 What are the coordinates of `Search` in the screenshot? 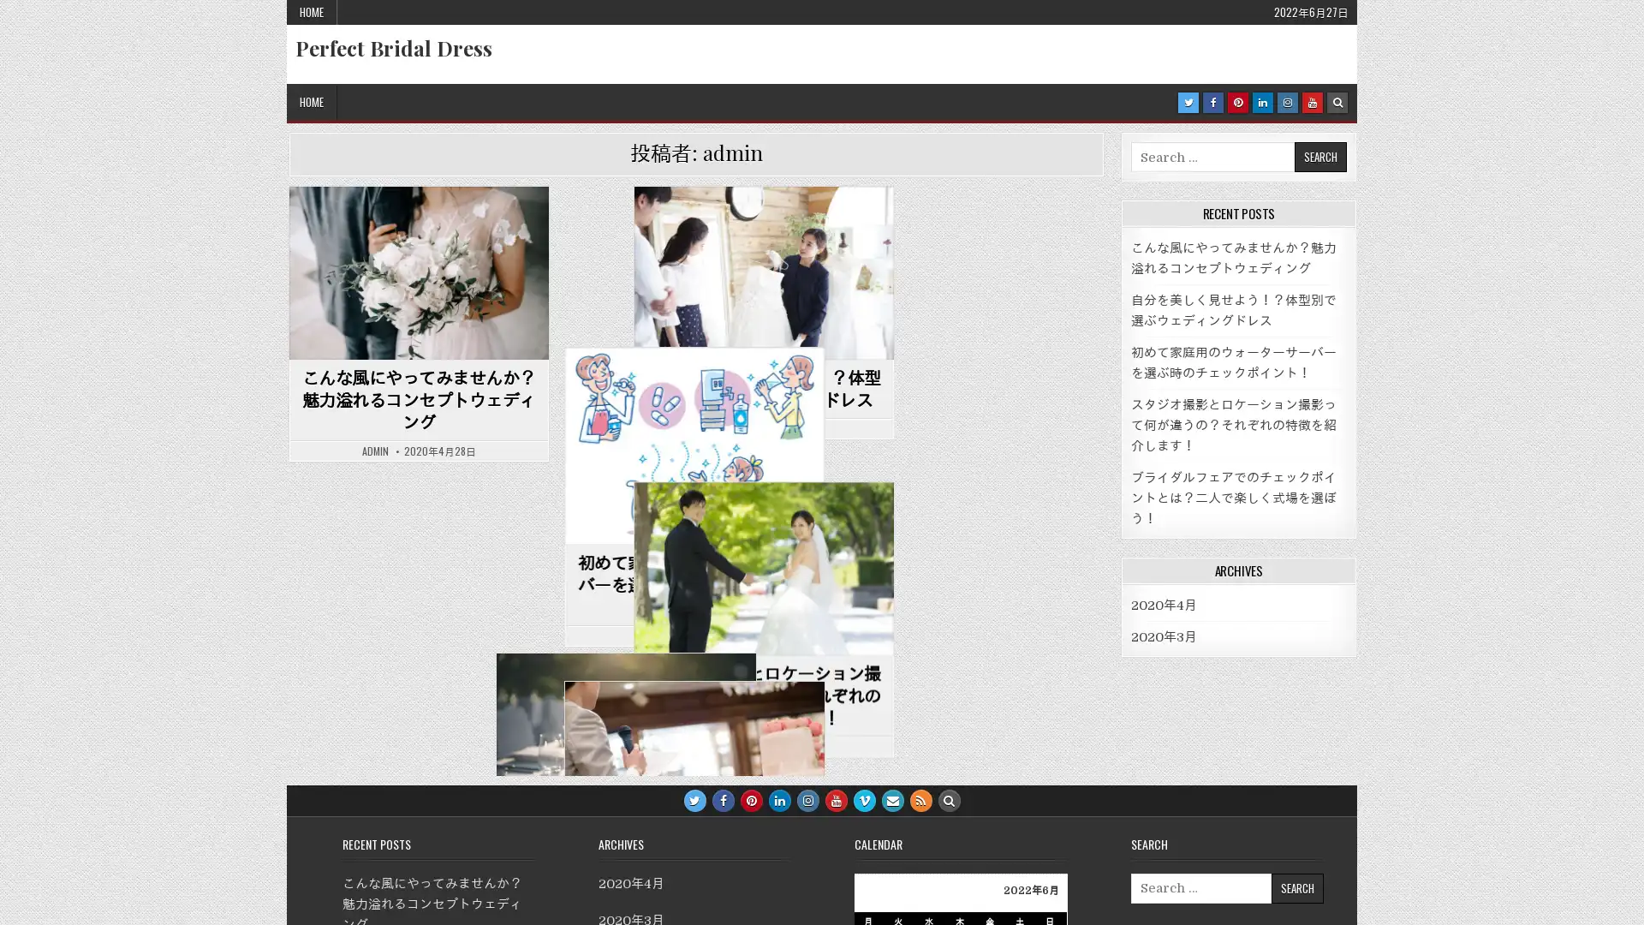 It's located at (1296, 886).